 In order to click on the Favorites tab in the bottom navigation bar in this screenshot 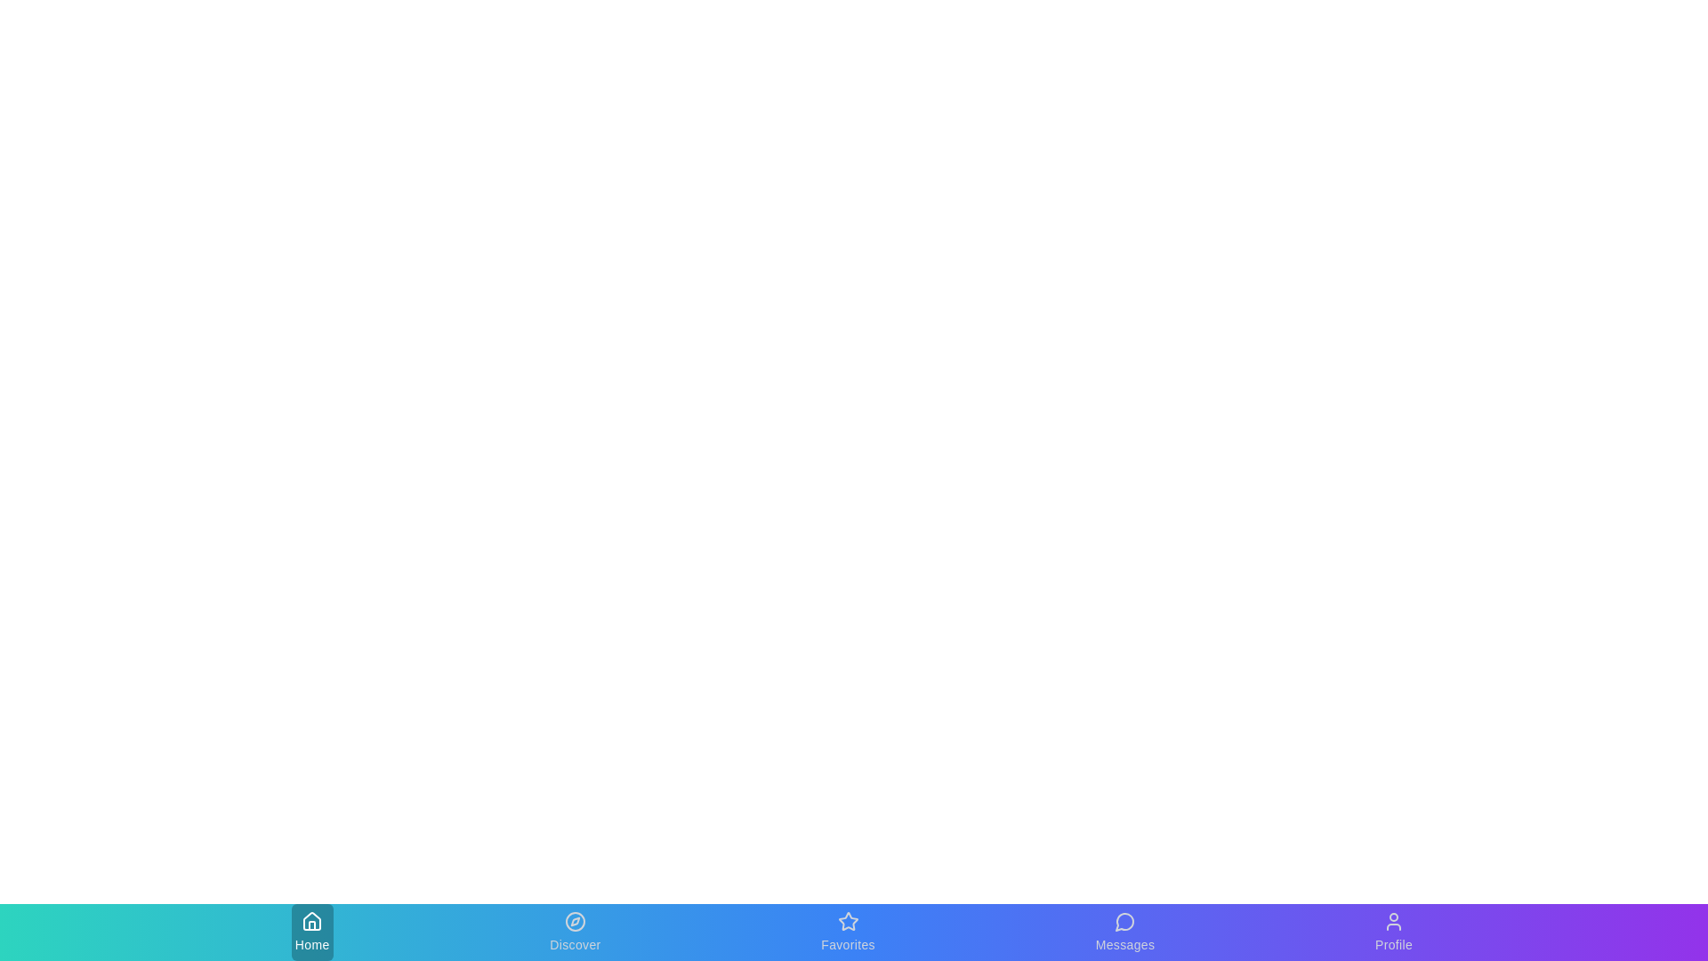, I will do `click(848, 932)`.